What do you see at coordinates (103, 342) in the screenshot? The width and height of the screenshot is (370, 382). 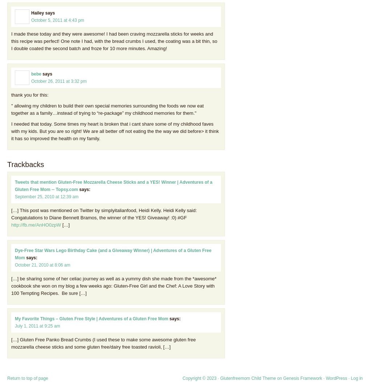 I see `'[…] Gluten Free Panko Bread Crumbs (I used these to make some awesome gluten free mozzarella cheese sticks and some gluten free/dairy free toasted ravioli, […]'` at bounding box center [103, 342].